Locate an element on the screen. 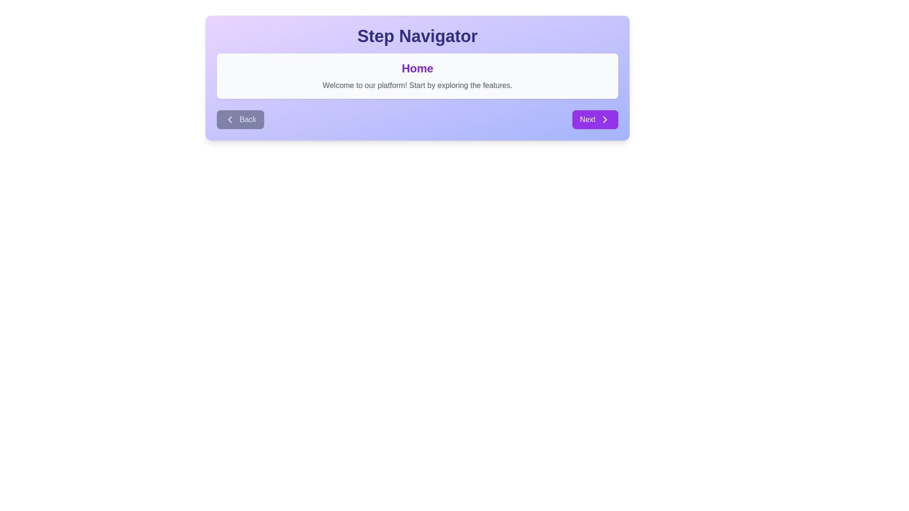 The height and width of the screenshot is (511, 909). the right-facing arrow icon contained within the 'Next' button located at the bottom-right corner of the panel is located at coordinates (604, 119).